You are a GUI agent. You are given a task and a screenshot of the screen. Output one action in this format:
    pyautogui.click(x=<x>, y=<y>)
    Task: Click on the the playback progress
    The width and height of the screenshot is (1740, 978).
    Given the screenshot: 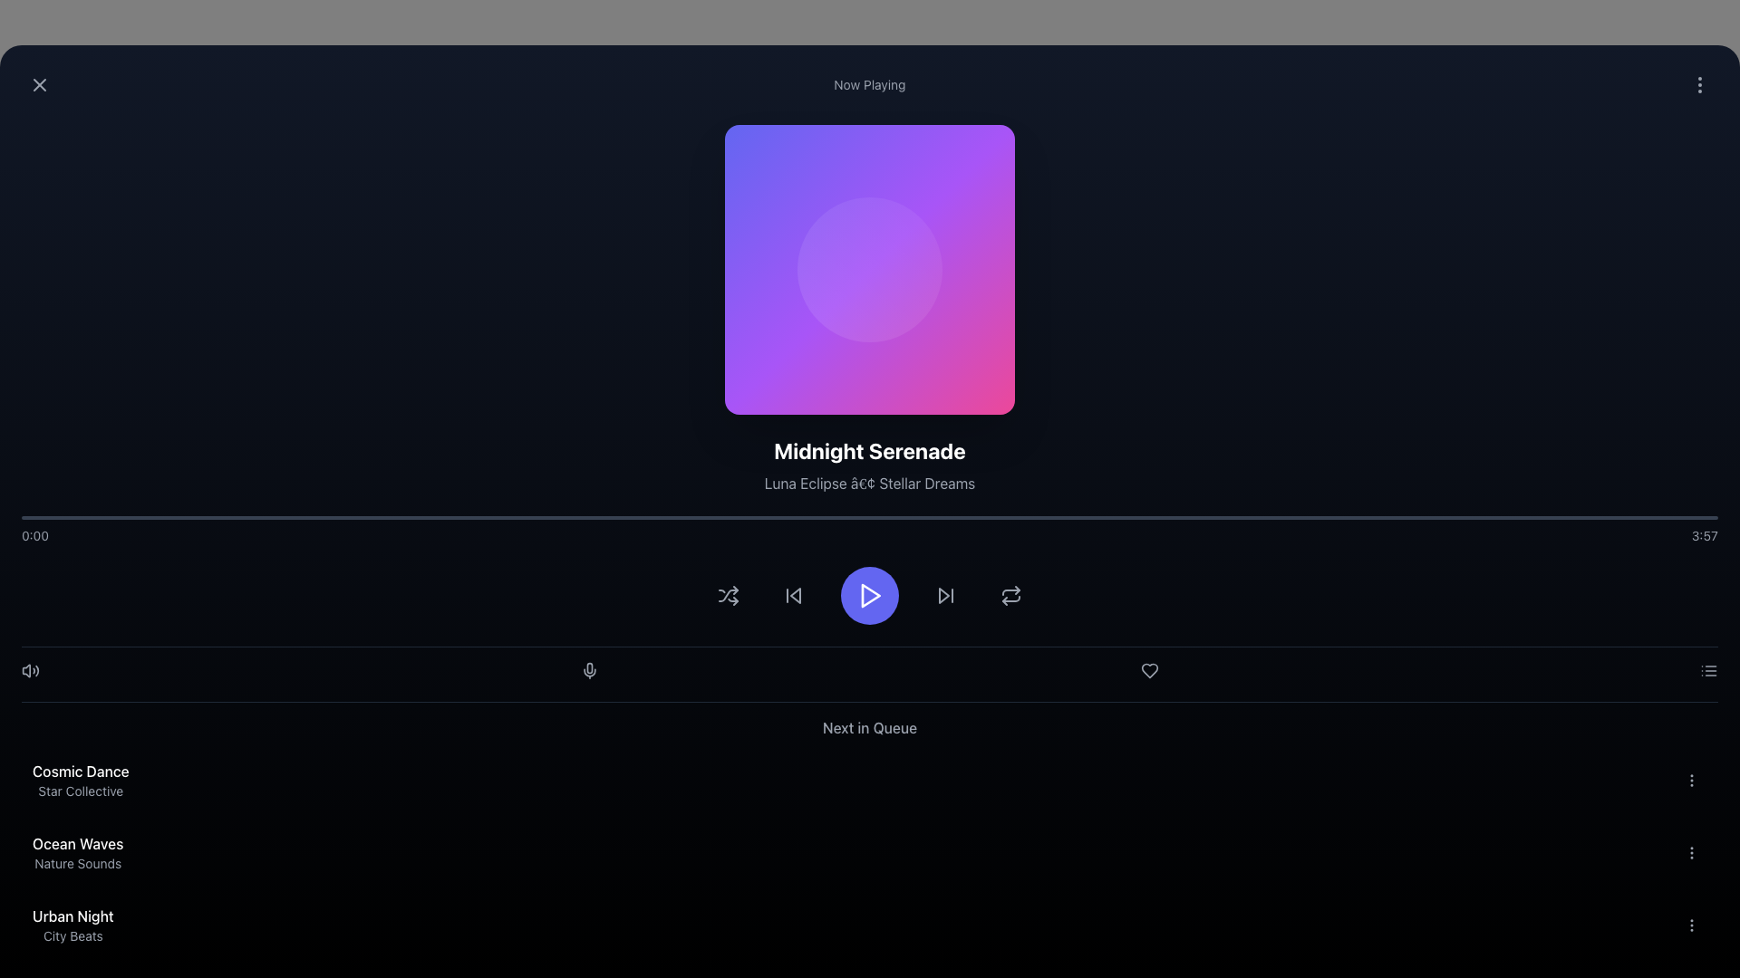 What is the action you would take?
    pyautogui.click(x=1464, y=517)
    